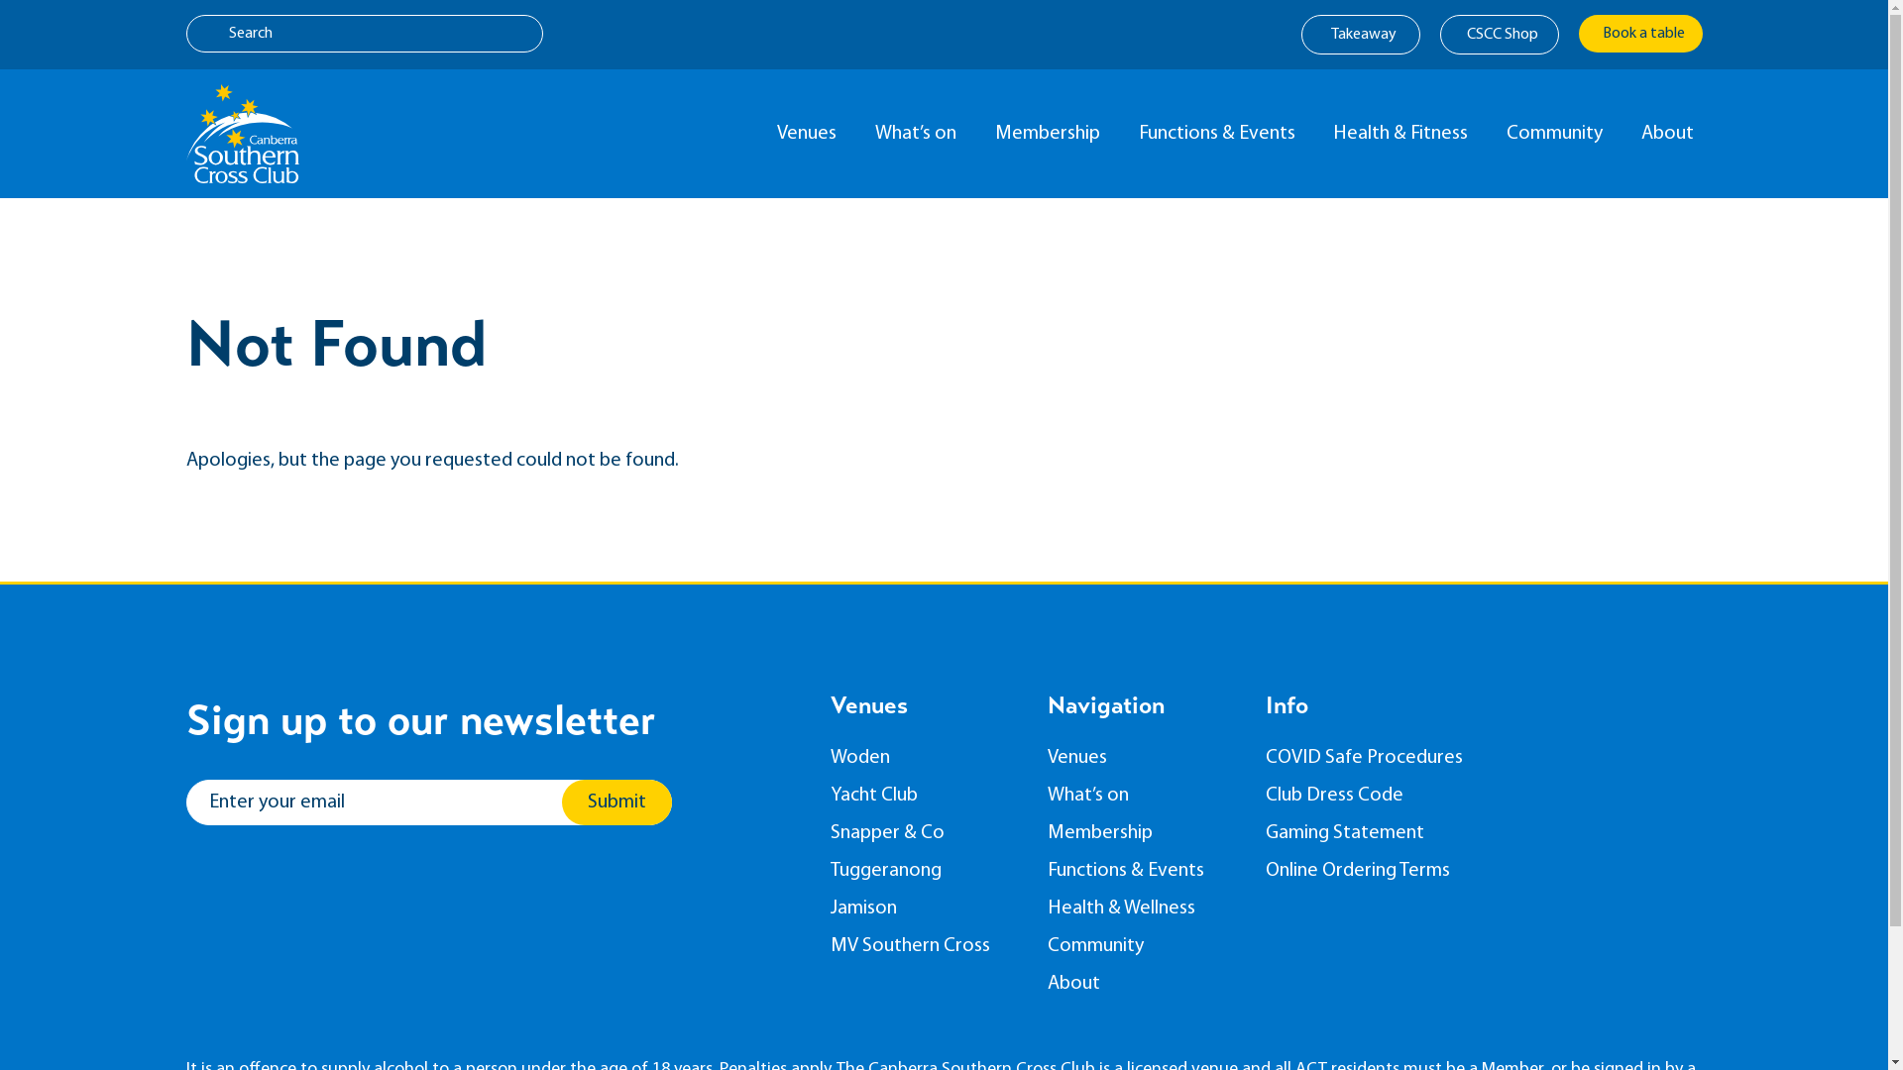  I want to click on 'Jamison', so click(923, 909).